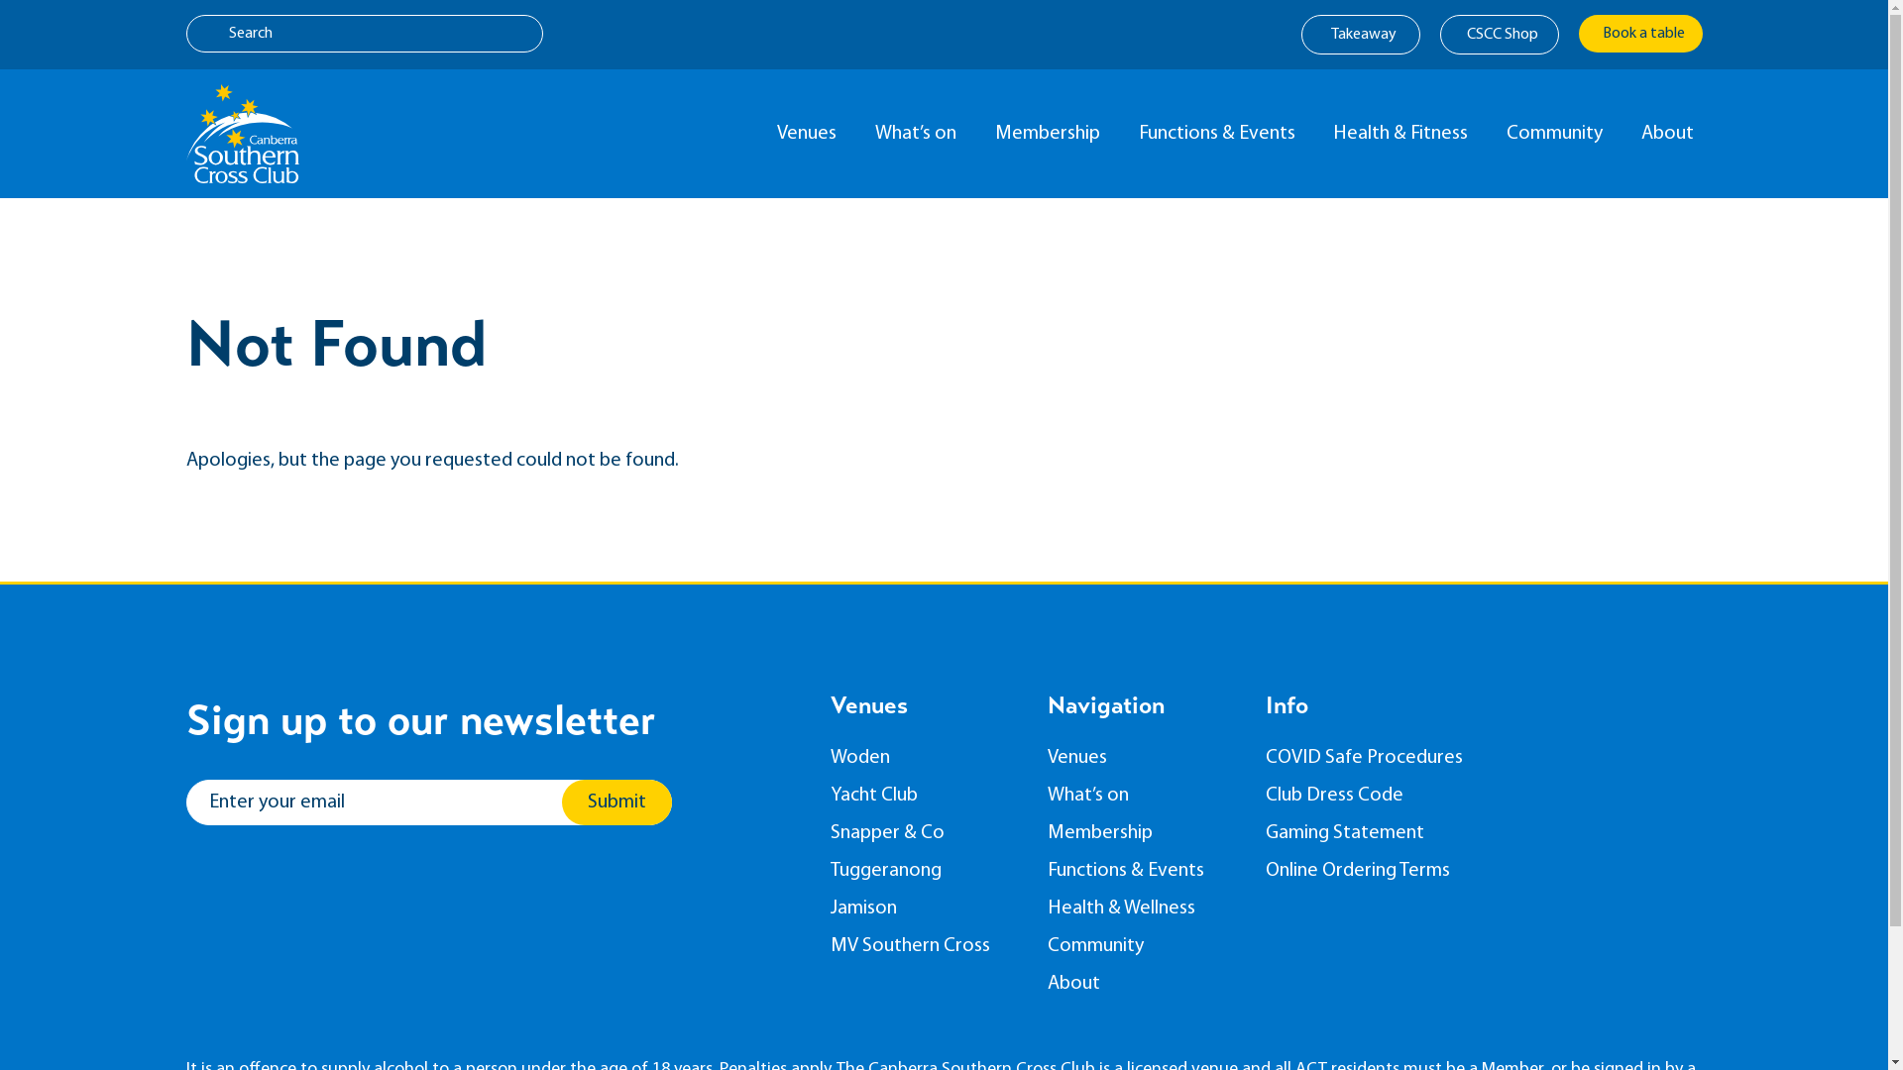  I want to click on 'Jamison', so click(923, 909).